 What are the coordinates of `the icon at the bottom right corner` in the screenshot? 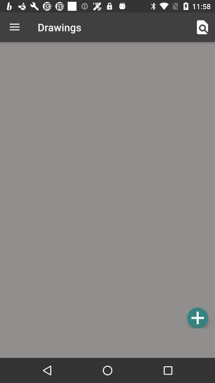 It's located at (197, 318).